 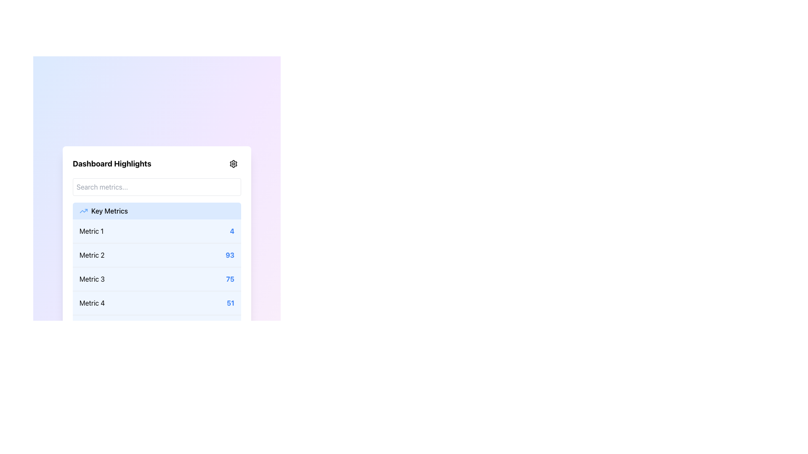 I want to click on text label for the metric associated with 'Metric 375' in the Key Metrics list, so click(x=92, y=279).